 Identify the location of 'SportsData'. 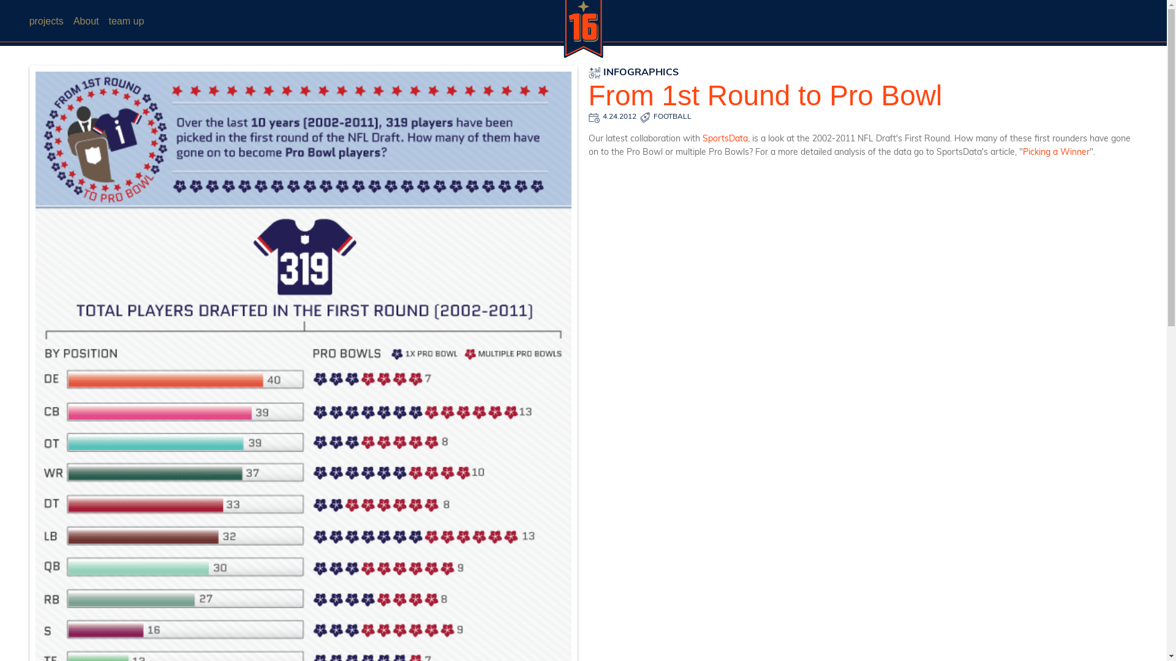
(724, 138).